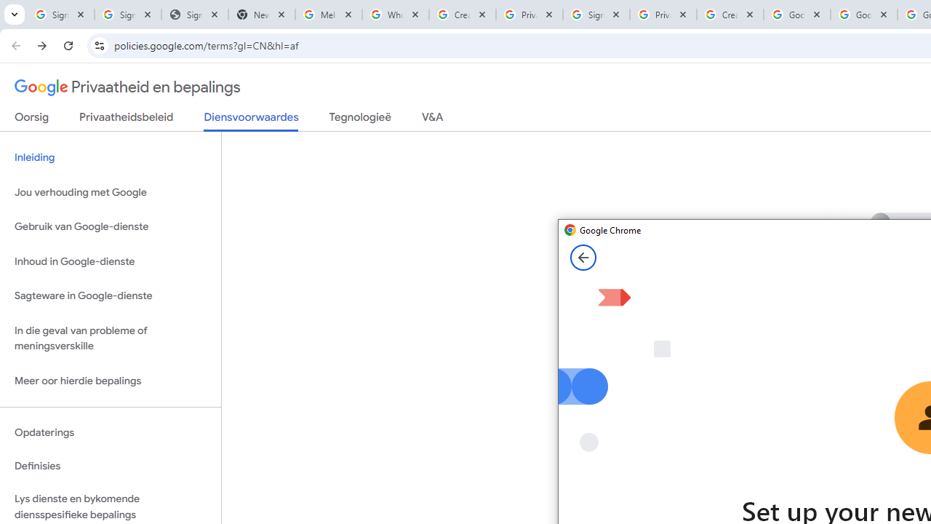 This screenshot has height=524, width=931. What do you see at coordinates (583, 257) in the screenshot?
I see `'Back from Set up your new Chrome profile page'` at bounding box center [583, 257].